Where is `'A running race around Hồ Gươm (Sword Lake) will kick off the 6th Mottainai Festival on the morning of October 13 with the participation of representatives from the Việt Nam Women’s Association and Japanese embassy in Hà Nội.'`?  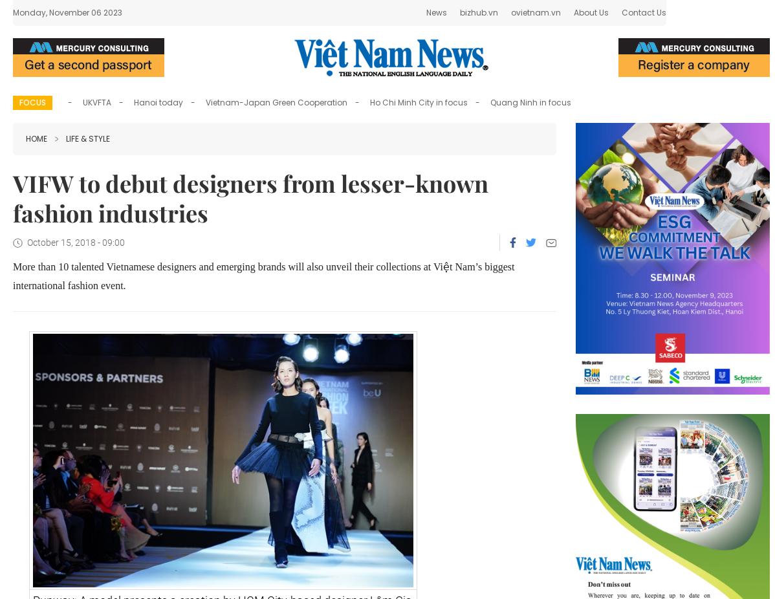 'A running race around Hồ Gươm (Sword Lake) will kick off the 6th Mottainai Festival on the morning of October 13 with the participation of representatives from the Việt Nam Women’s Association and Japanese embassy in Hà Nội.' is located at coordinates (369, 36).